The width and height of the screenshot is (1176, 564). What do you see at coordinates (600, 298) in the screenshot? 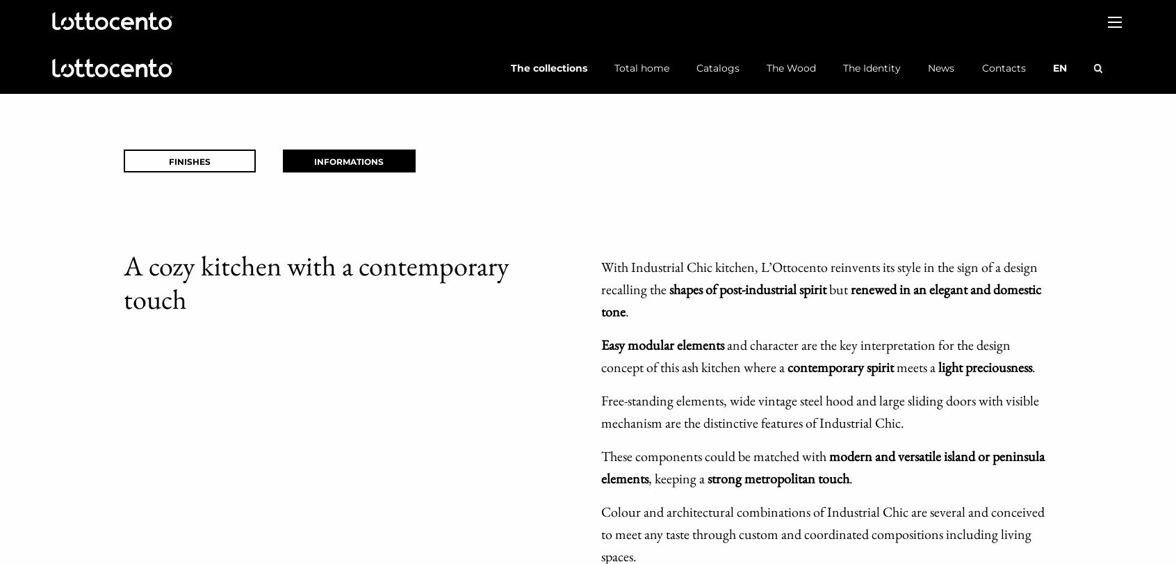
I see `'renewed in an elegant and domestic tone'` at bounding box center [600, 298].